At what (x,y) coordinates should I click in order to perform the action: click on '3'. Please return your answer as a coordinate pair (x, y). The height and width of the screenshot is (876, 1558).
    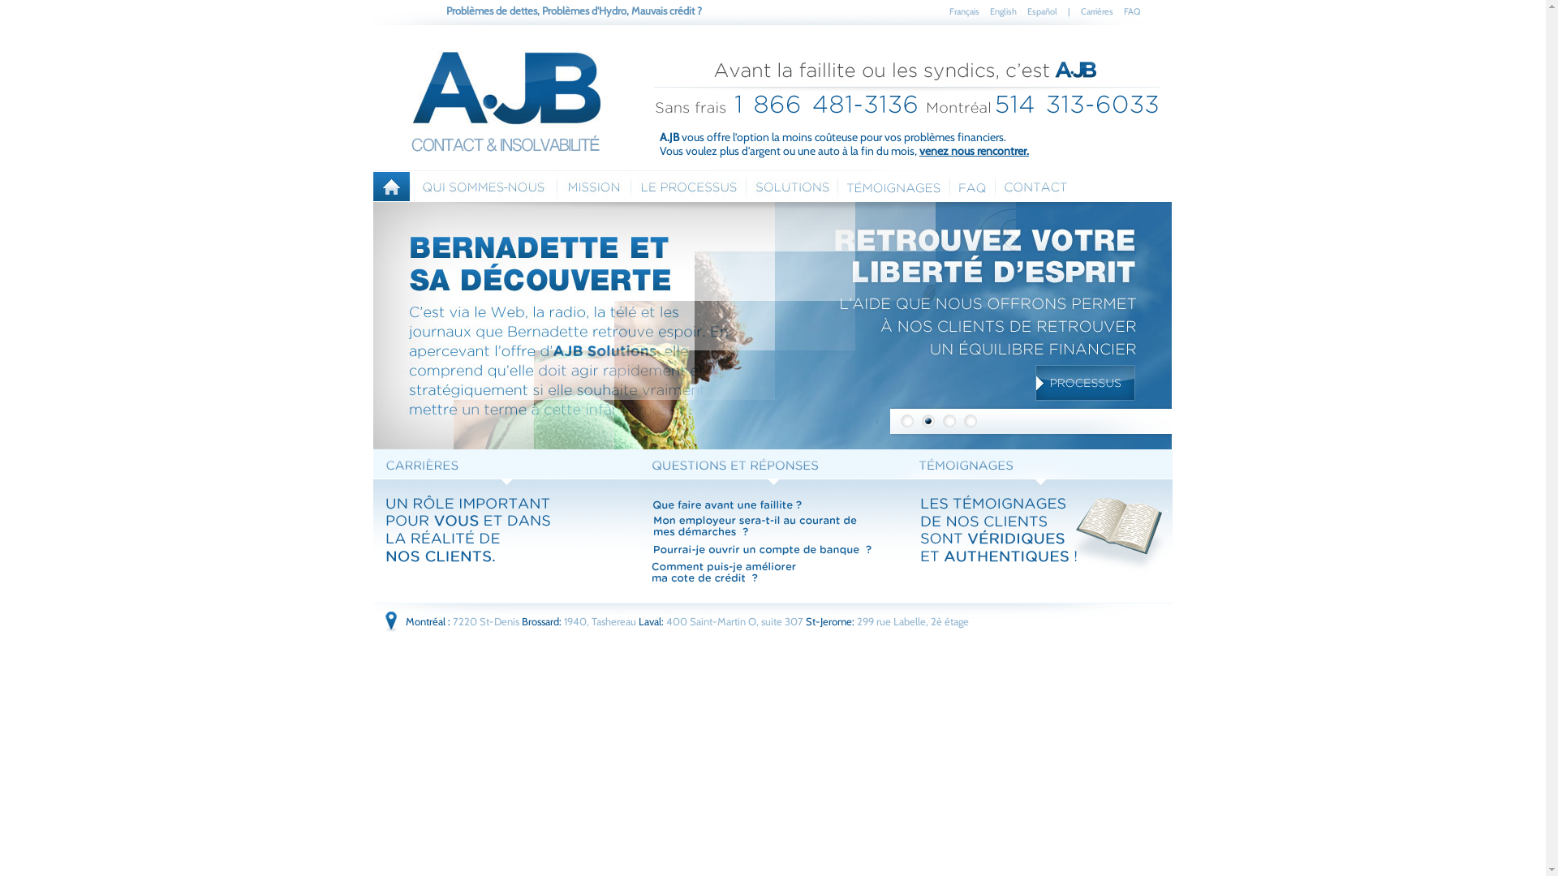
    Looking at the image, I should click on (949, 420).